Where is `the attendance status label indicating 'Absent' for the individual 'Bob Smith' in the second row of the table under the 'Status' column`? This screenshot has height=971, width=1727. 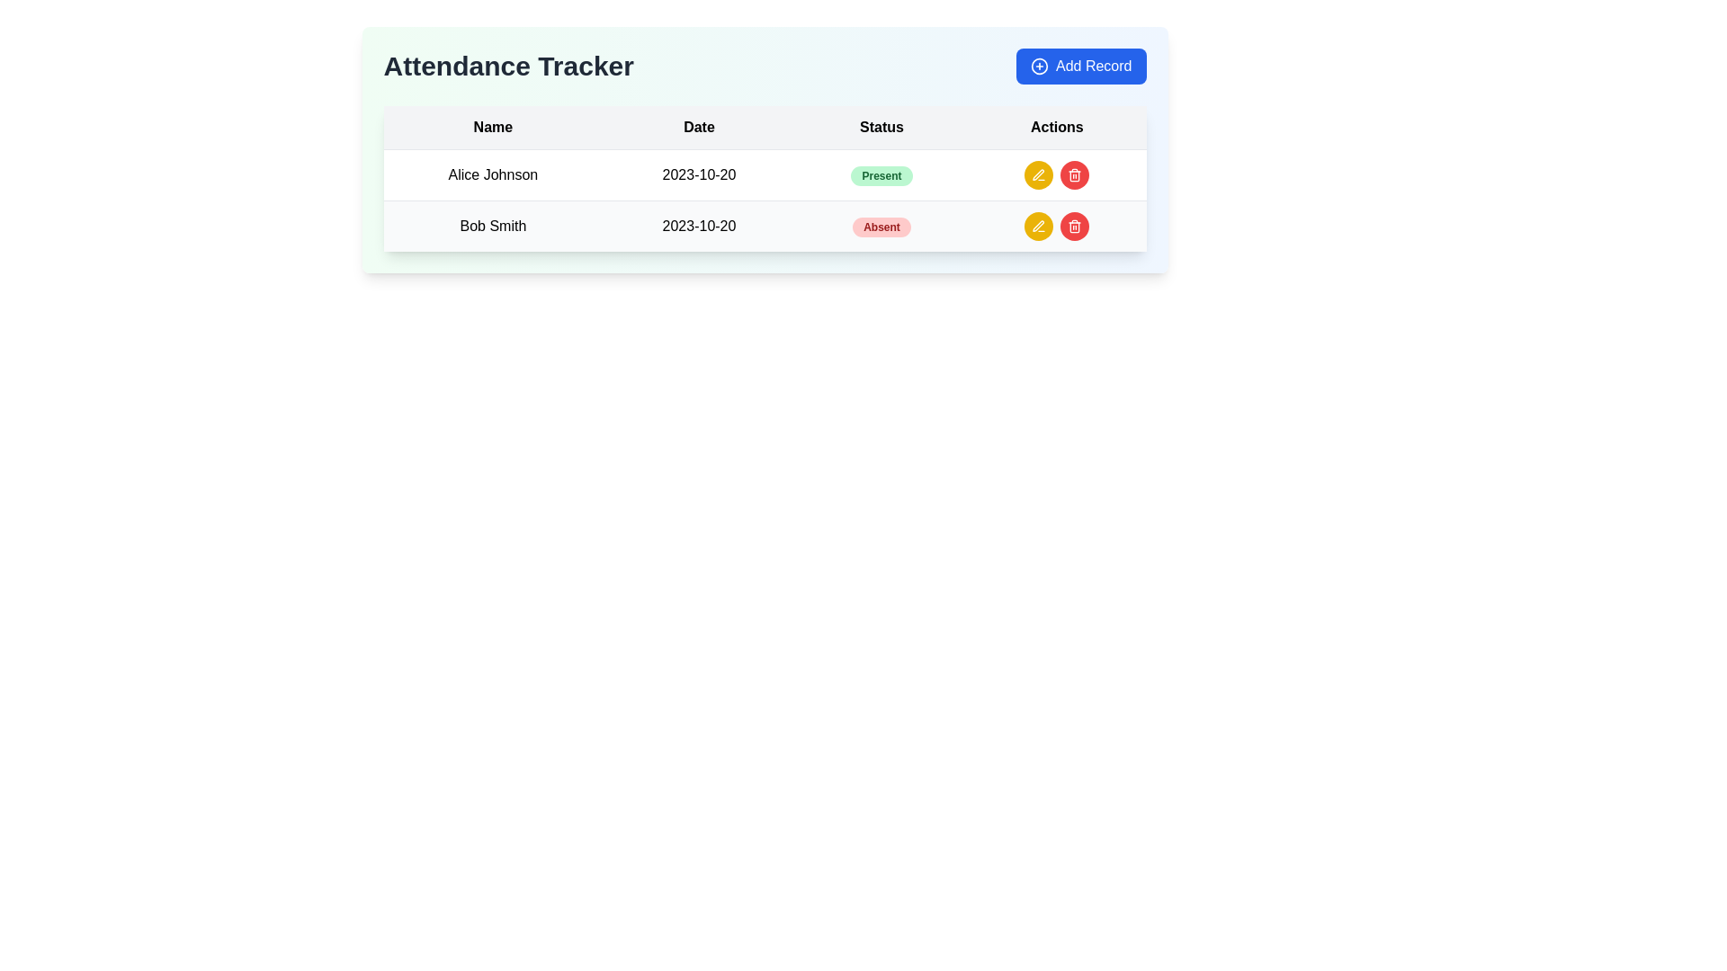
the attendance status label indicating 'Absent' for the individual 'Bob Smith' in the second row of the table under the 'Status' column is located at coordinates (881, 225).